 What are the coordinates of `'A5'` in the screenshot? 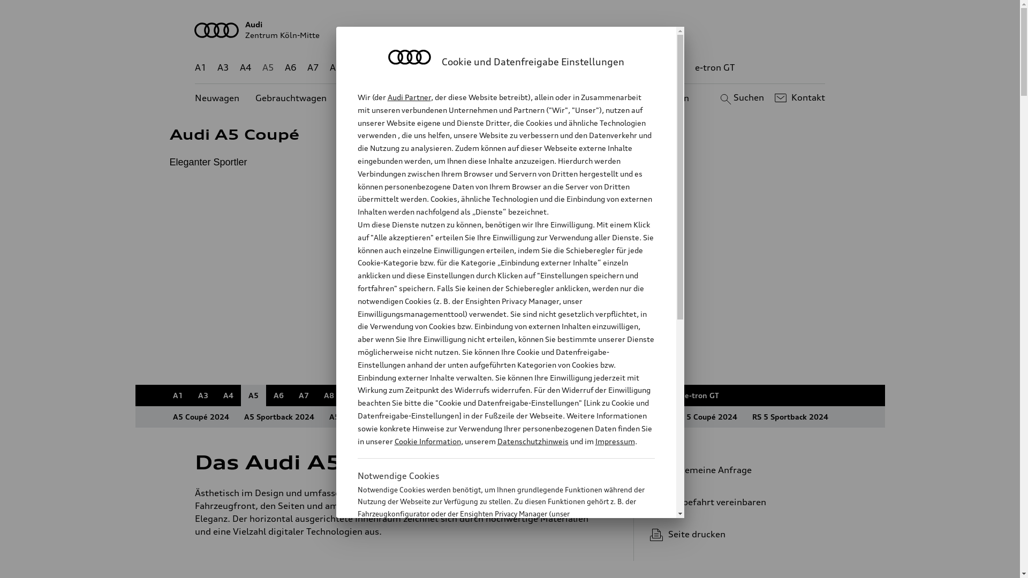 It's located at (240, 396).